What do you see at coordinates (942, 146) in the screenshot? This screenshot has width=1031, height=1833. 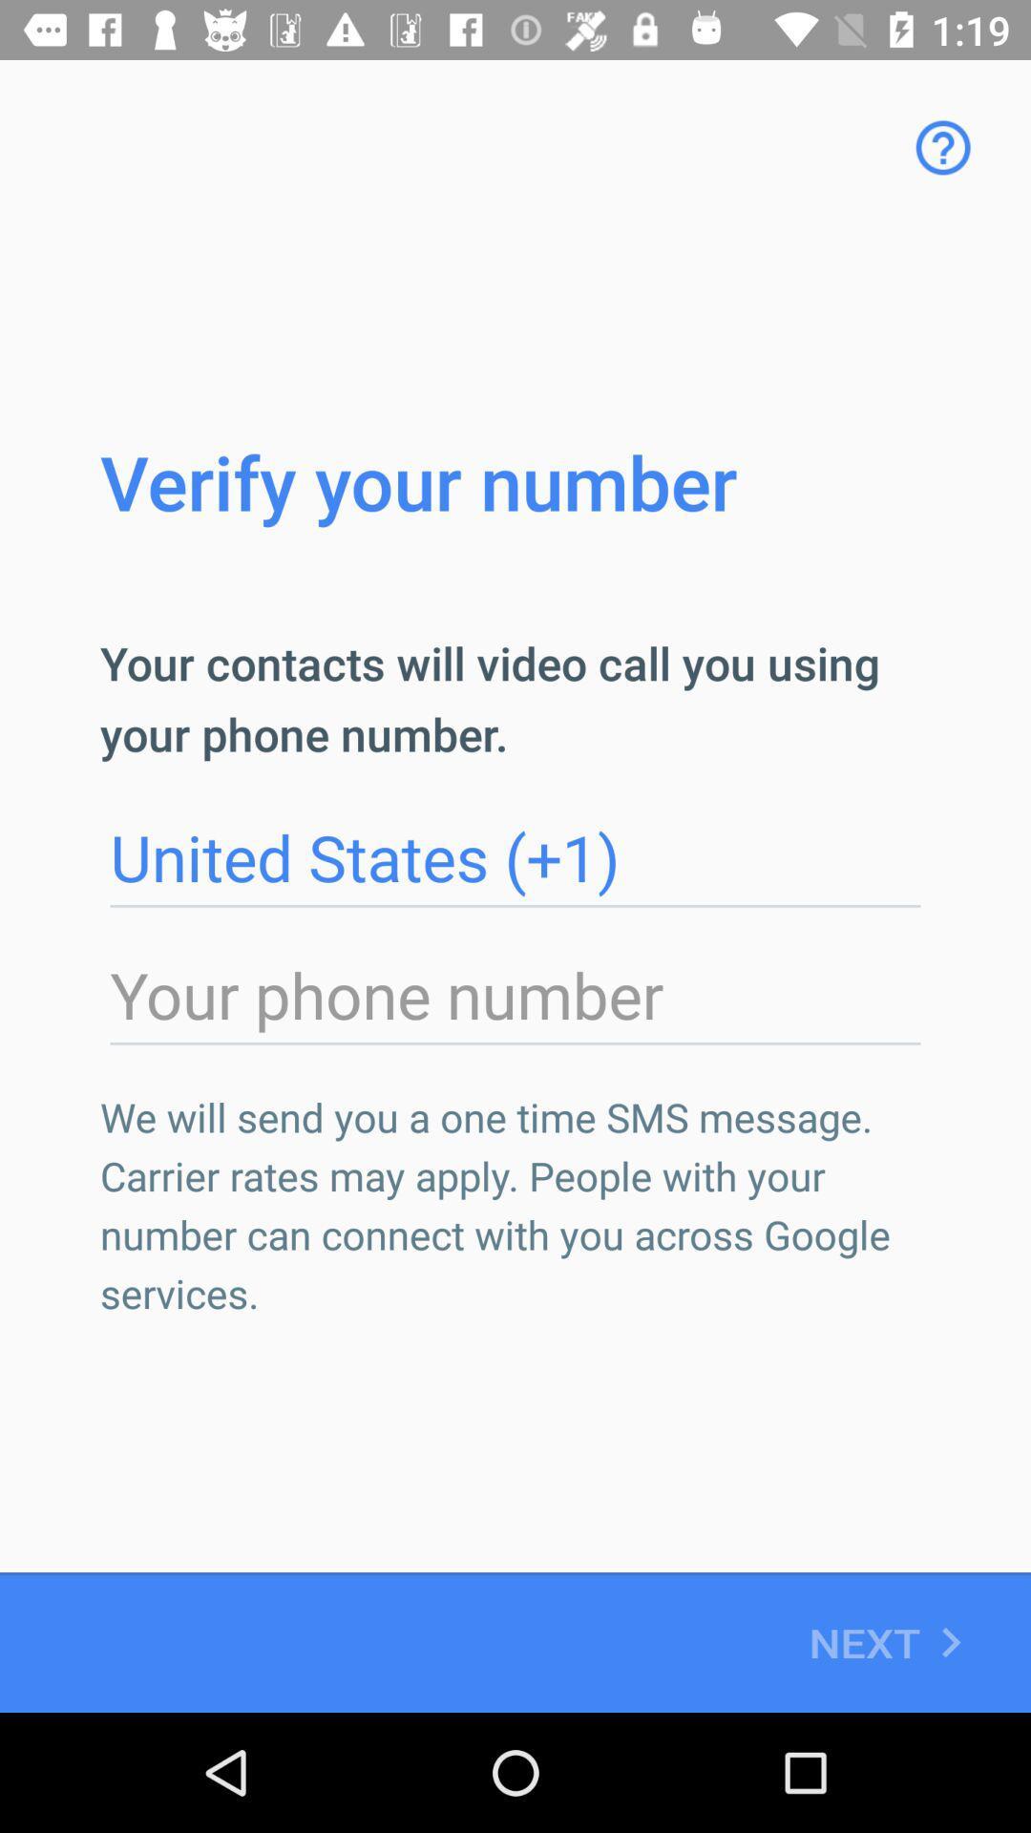 I see `the help icon` at bounding box center [942, 146].